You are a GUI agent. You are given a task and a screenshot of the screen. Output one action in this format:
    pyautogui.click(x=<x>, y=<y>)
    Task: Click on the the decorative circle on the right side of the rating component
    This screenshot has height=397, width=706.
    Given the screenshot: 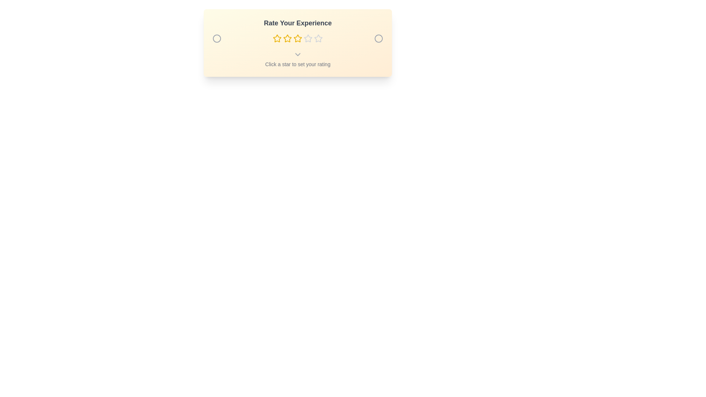 What is the action you would take?
    pyautogui.click(x=379, y=38)
    